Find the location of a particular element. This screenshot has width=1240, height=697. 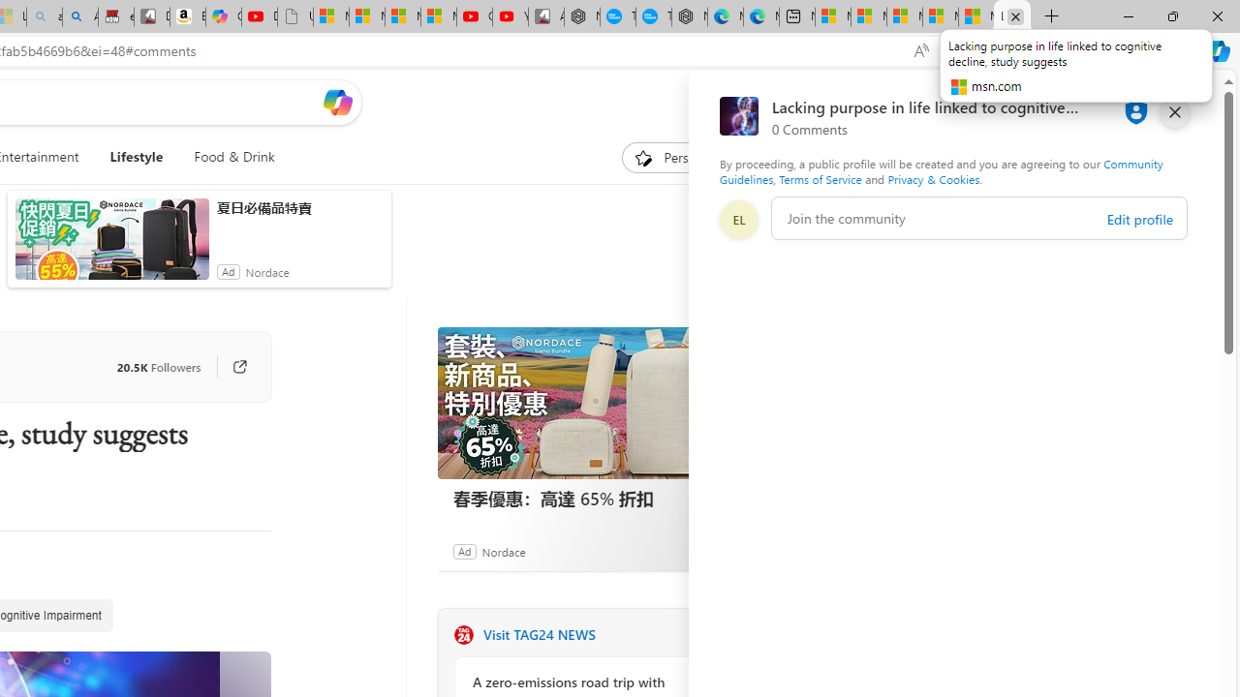

'Go to publisher' is located at coordinates (230, 367).